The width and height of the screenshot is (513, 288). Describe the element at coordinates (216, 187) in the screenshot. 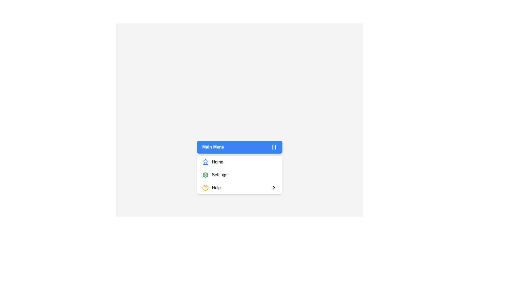

I see `the help text label located at the bottom-most line item of the vertical dropdown menu, which is identifiable by the accompanying yellow circle icon with a question mark and an arrow pointing right` at that location.